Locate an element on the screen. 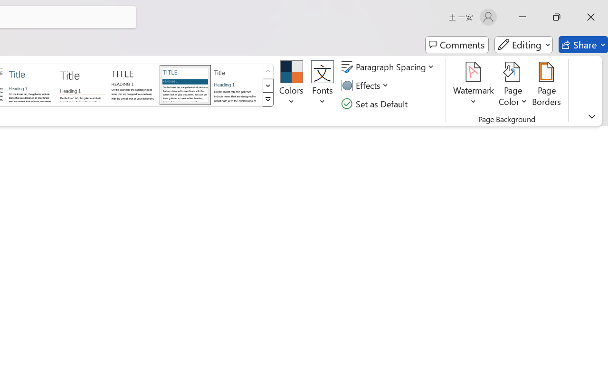 Image resolution: width=608 pixels, height=380 pixels. 'Minimize' is located at coordinates (522, 17).